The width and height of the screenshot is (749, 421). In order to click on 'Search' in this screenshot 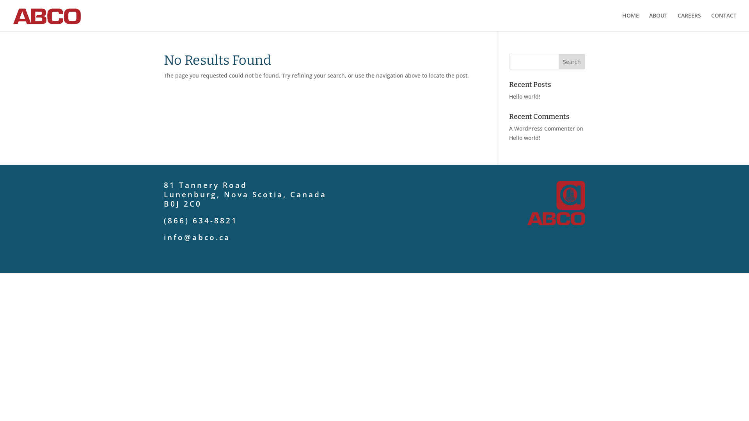, I will do `click(558, 61)`.